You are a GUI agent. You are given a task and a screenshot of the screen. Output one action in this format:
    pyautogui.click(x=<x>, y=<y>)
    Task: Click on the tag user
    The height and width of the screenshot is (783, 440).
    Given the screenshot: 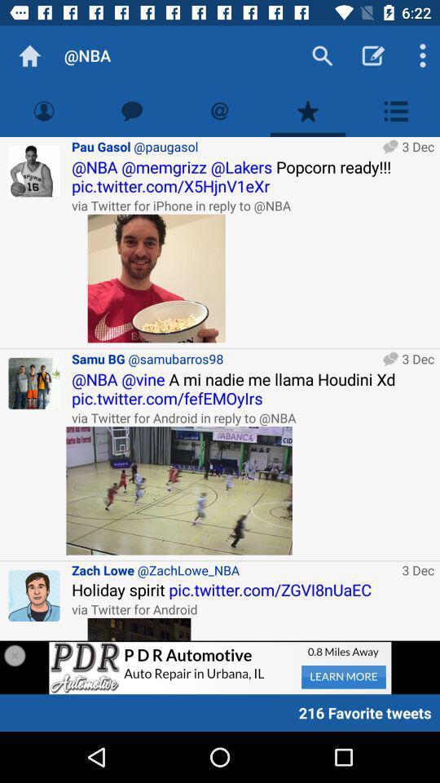 What is the action you would take?
    pyautogui.click(x=220, y=110)
    